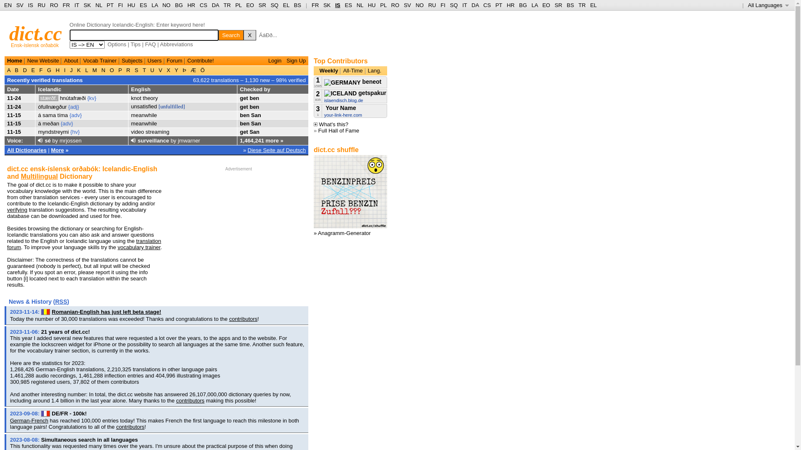 This screenshot has height=450, width=801. I want to click on 'Users', so click(154, 60).